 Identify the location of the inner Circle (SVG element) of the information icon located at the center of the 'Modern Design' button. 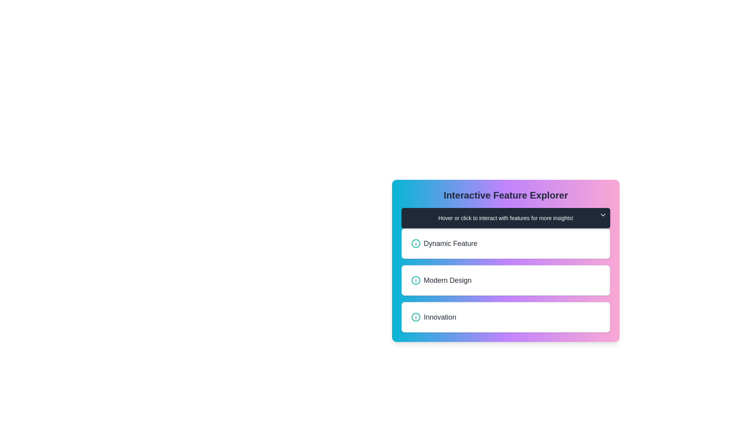
(415, 280).